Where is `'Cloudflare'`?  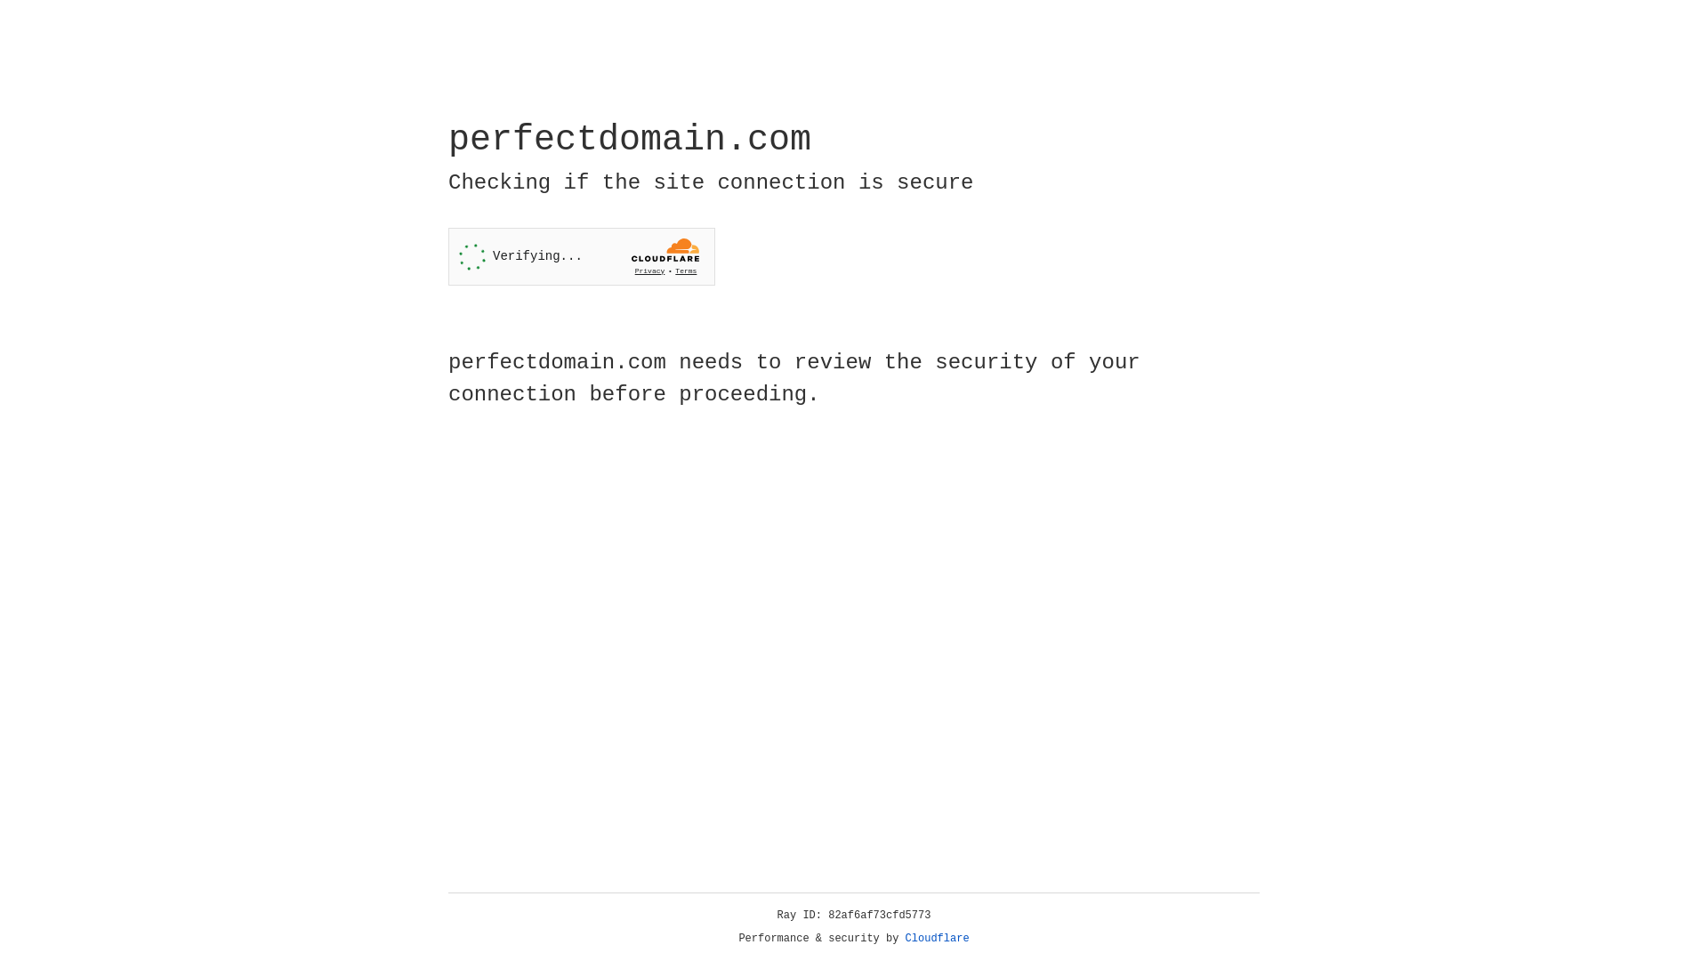
'Cloudflare' is located at coordinates (937, 938).